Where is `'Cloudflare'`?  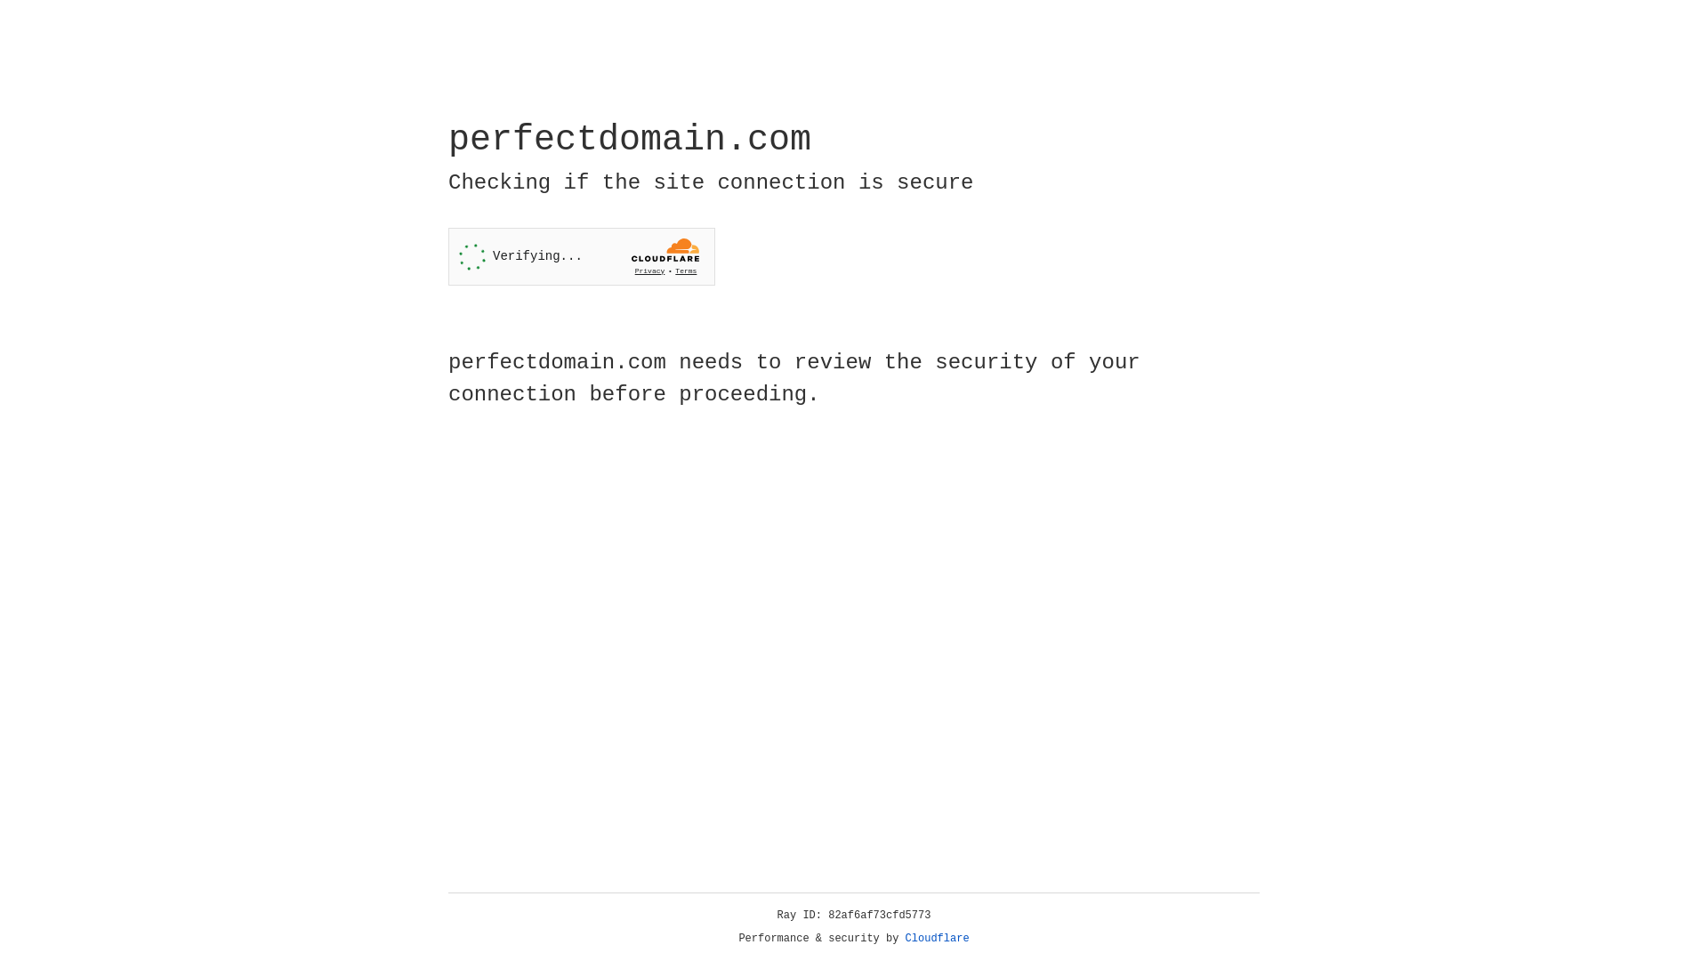
'Cloudflare' is located at coordinates (937, 938).